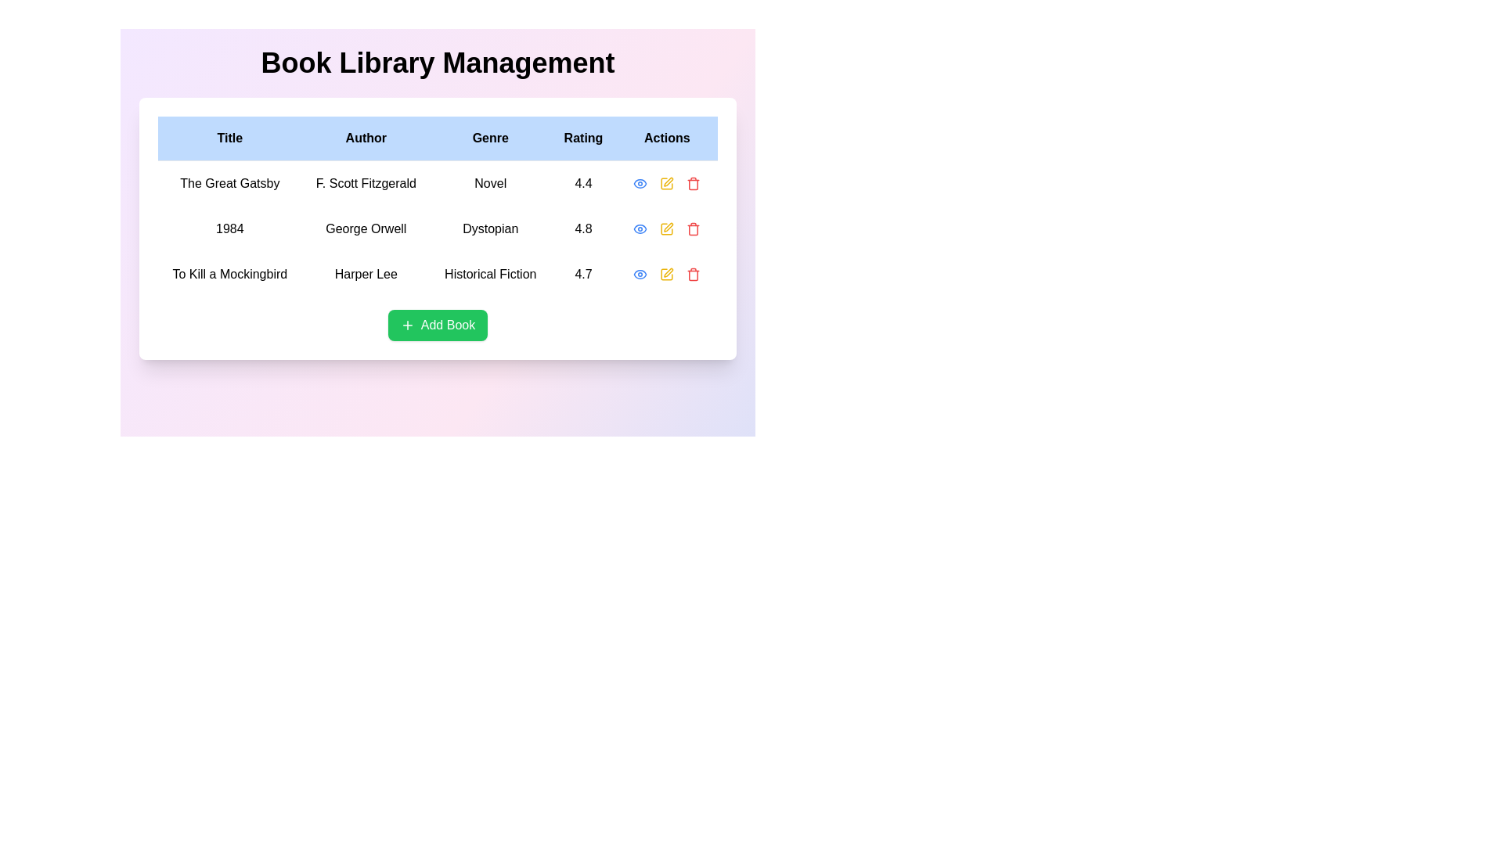 This screenshot has height=845, width=1503. I want to click on the 'Edit' icon represented by a square with a pen symbol located in the third row under the 'Actions' column, so click(667, 274).